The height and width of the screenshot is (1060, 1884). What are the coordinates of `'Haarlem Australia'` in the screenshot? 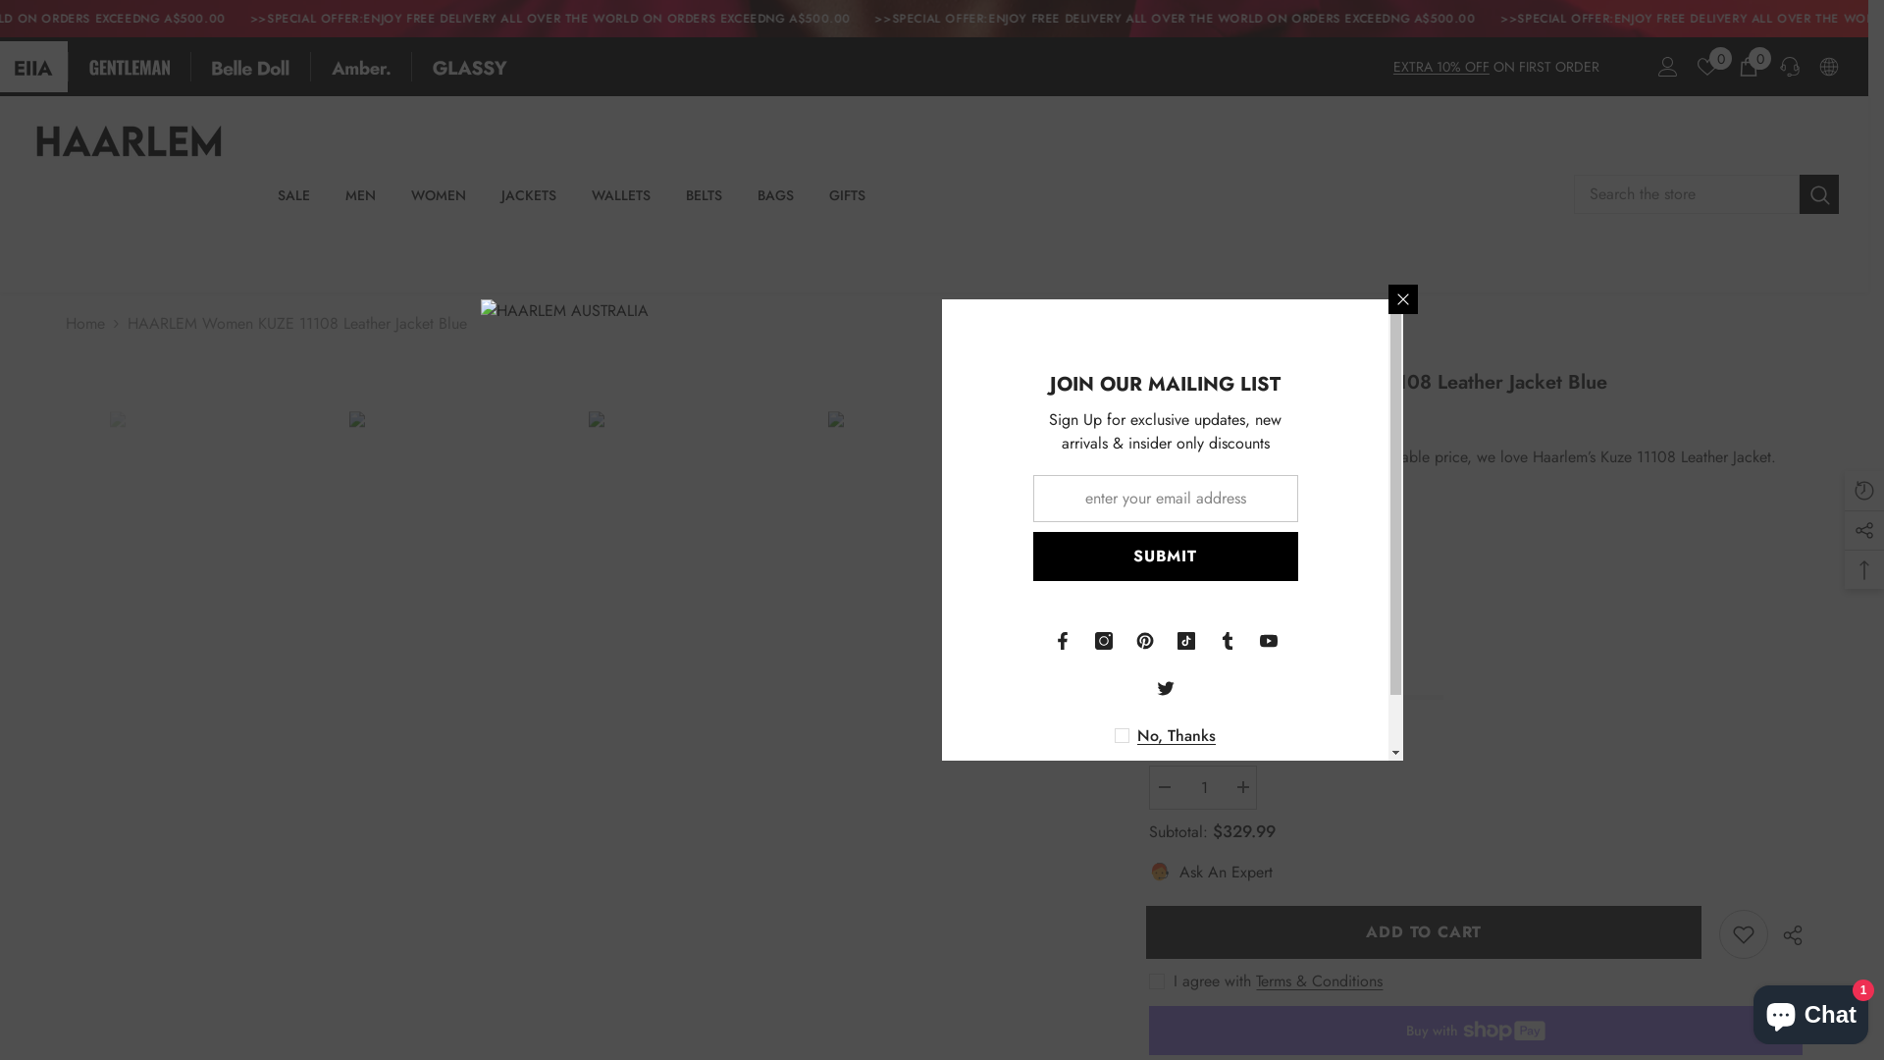 It's located at (1213, 514).